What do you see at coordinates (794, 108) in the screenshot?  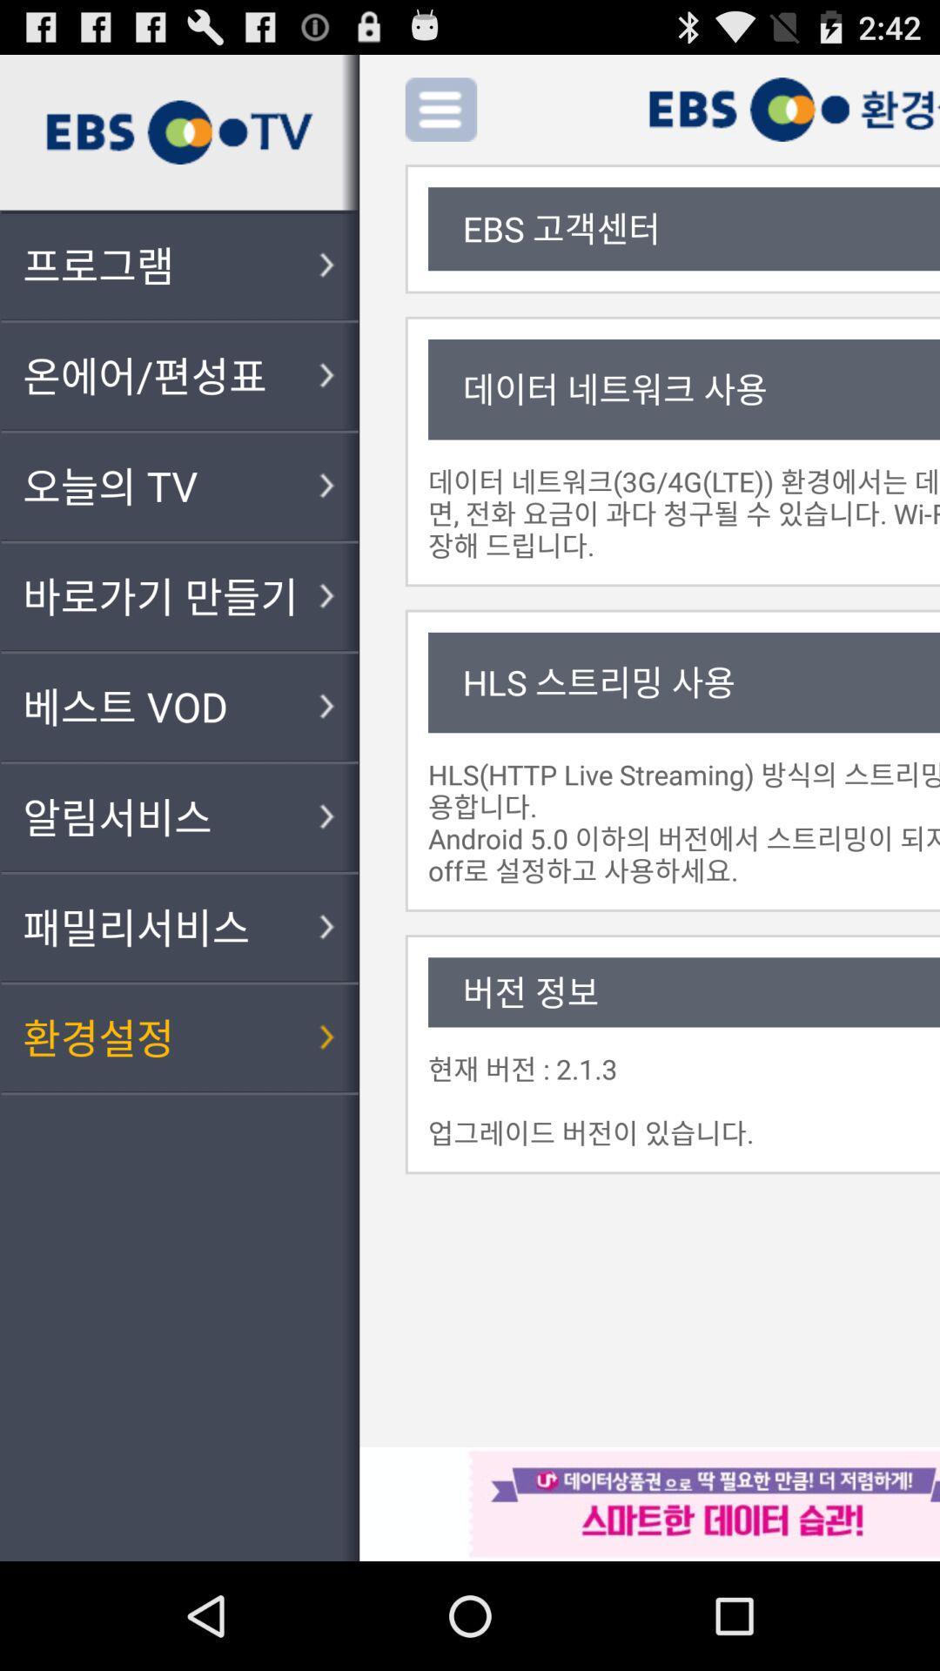 I see `the right top logo under the notification bar` at bounding box center [794, 108].